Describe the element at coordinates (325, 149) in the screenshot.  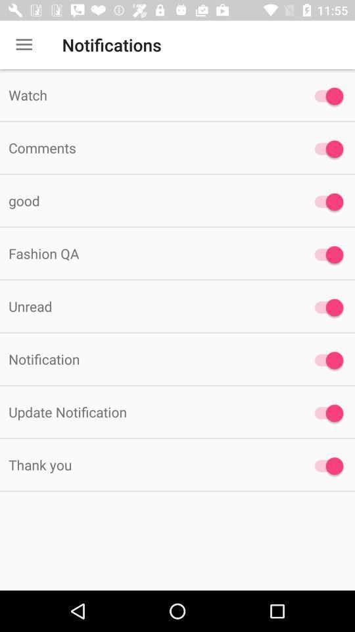
I see `comments on/off` at that location.